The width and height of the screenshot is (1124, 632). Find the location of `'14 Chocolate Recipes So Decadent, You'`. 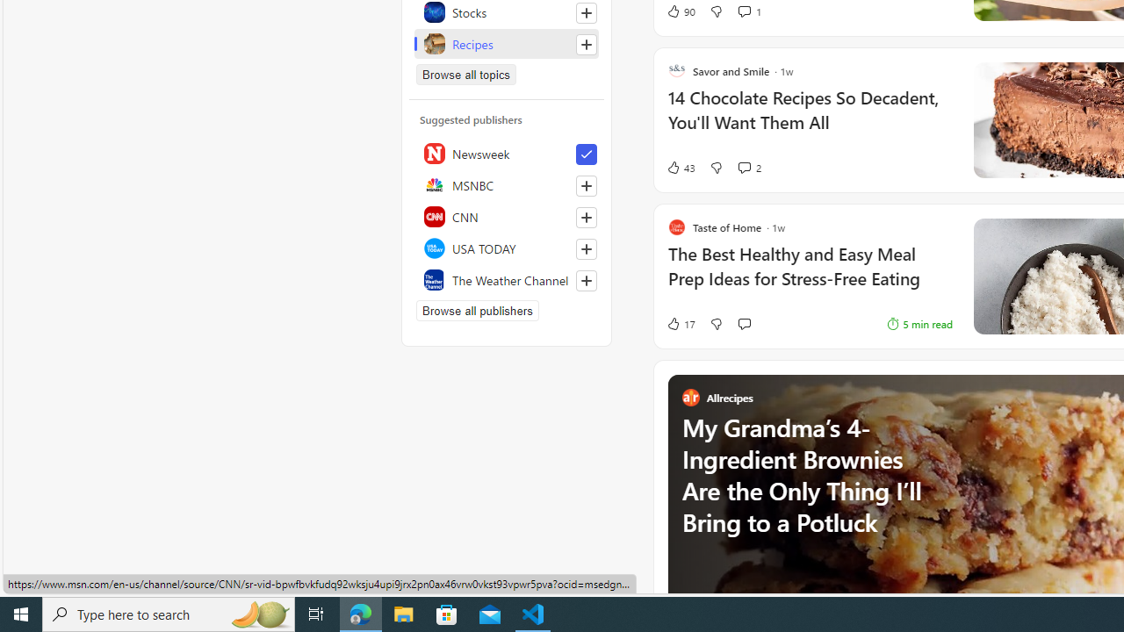

'14 Chocolate Recipes So Decadent, You' is located at coordinates (809, 118).